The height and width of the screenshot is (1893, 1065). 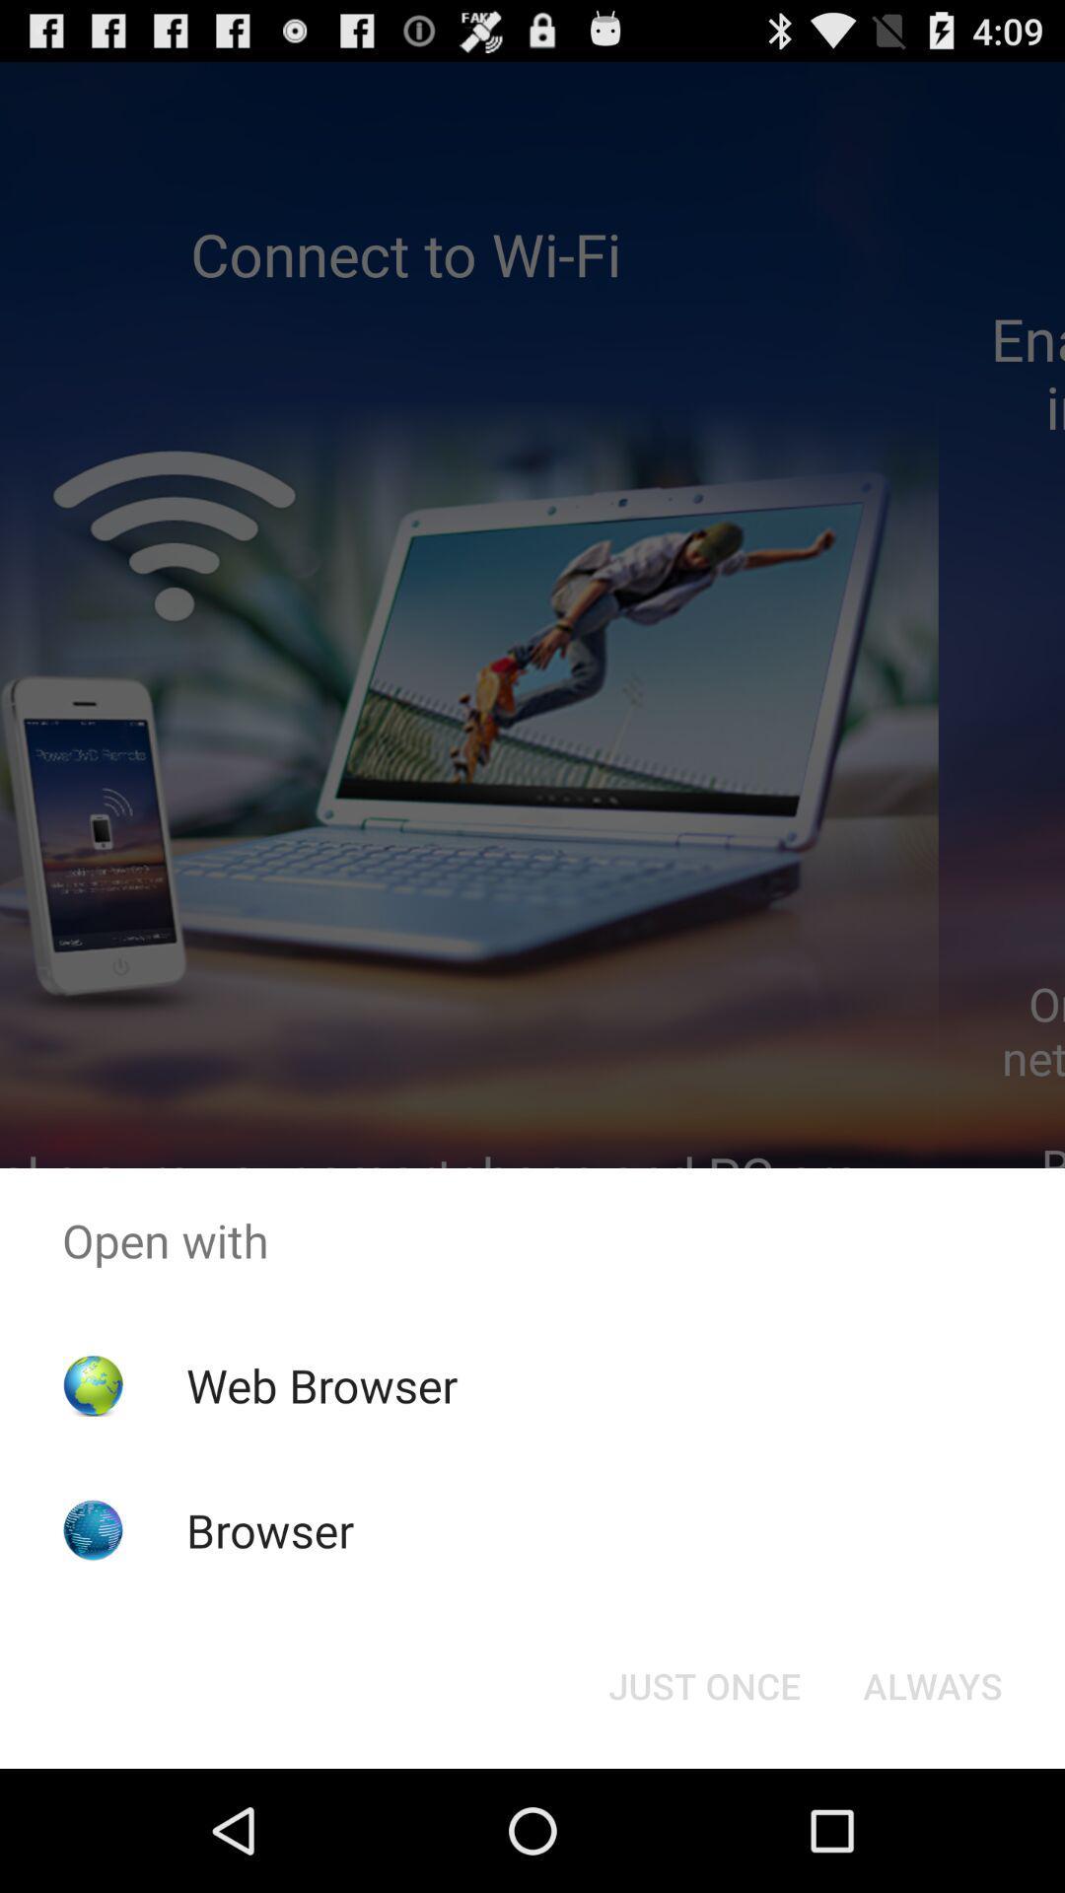 What do you see at coordinates (320, 1384) in the screenshot?
I see `the item below the open with item` at bounding box center [320, 1384].